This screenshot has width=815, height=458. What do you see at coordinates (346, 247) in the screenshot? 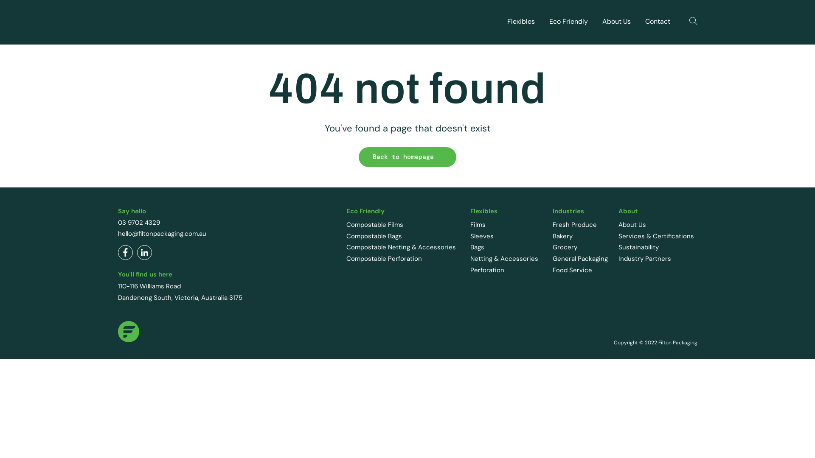
I see `'Compostable Netting & Accessories'` at bounding box center [346, 247].